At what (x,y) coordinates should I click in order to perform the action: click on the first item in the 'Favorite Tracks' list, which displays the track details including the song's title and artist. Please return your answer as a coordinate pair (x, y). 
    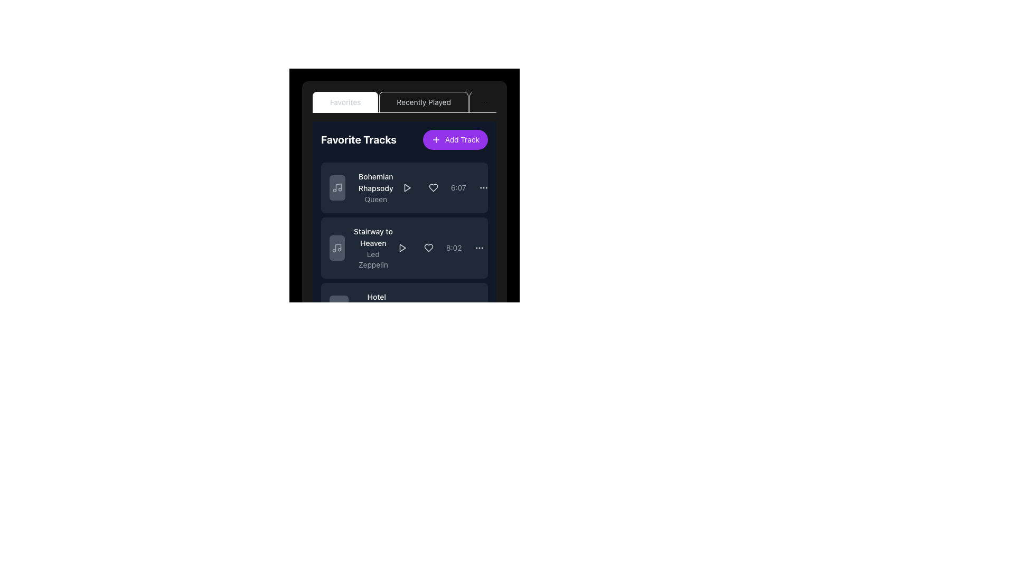
    Looking at the image, I should click on (363, 187).